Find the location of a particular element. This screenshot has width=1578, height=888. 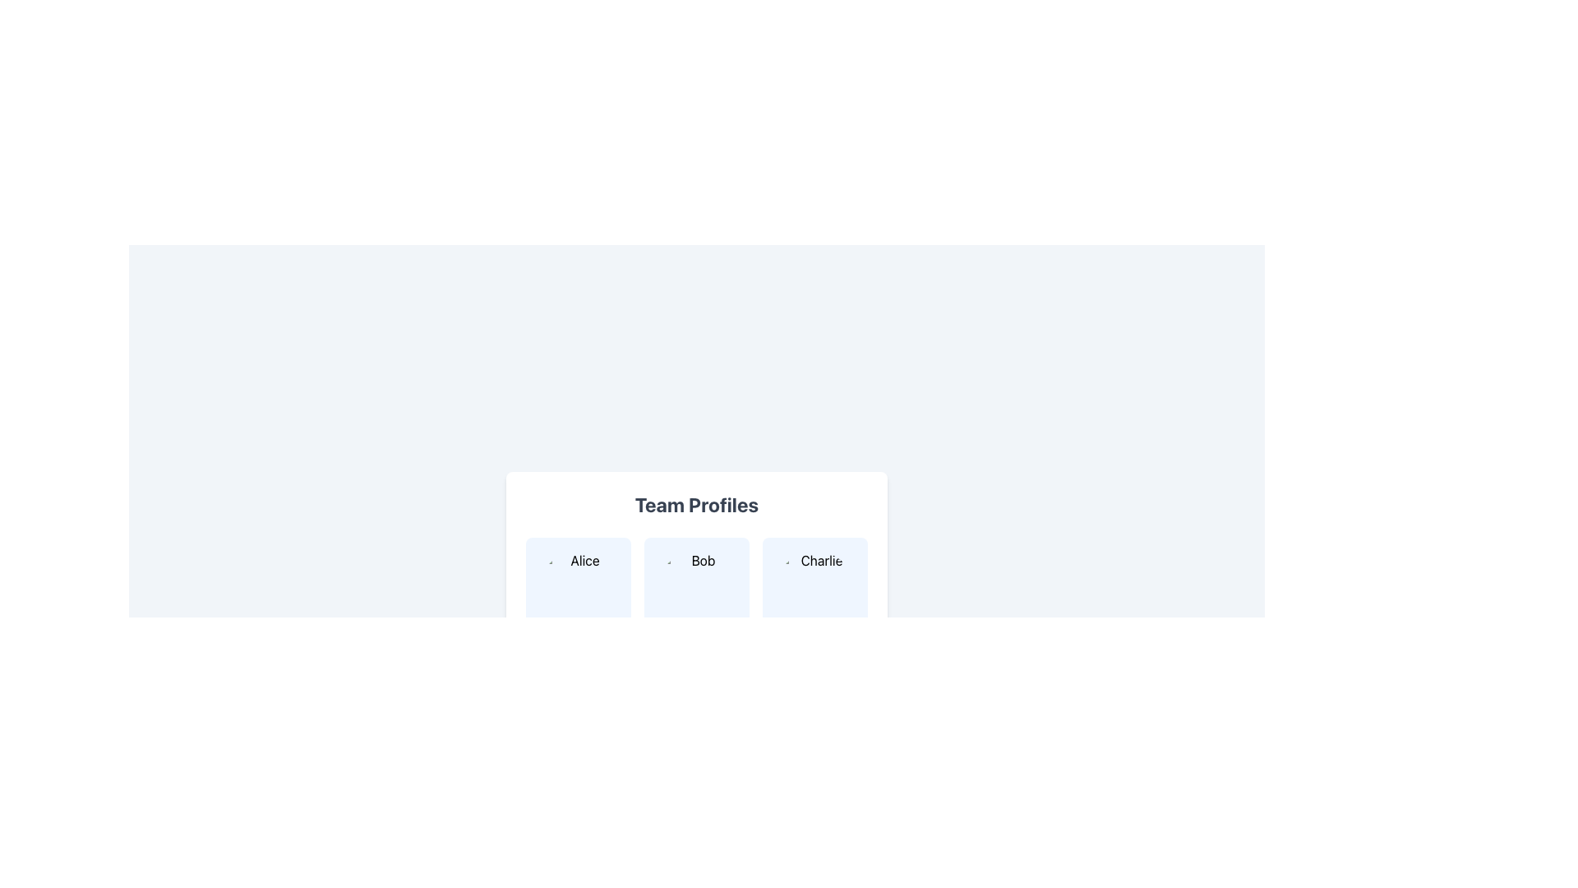

the profile image display located is located at coordinates (579, 589).